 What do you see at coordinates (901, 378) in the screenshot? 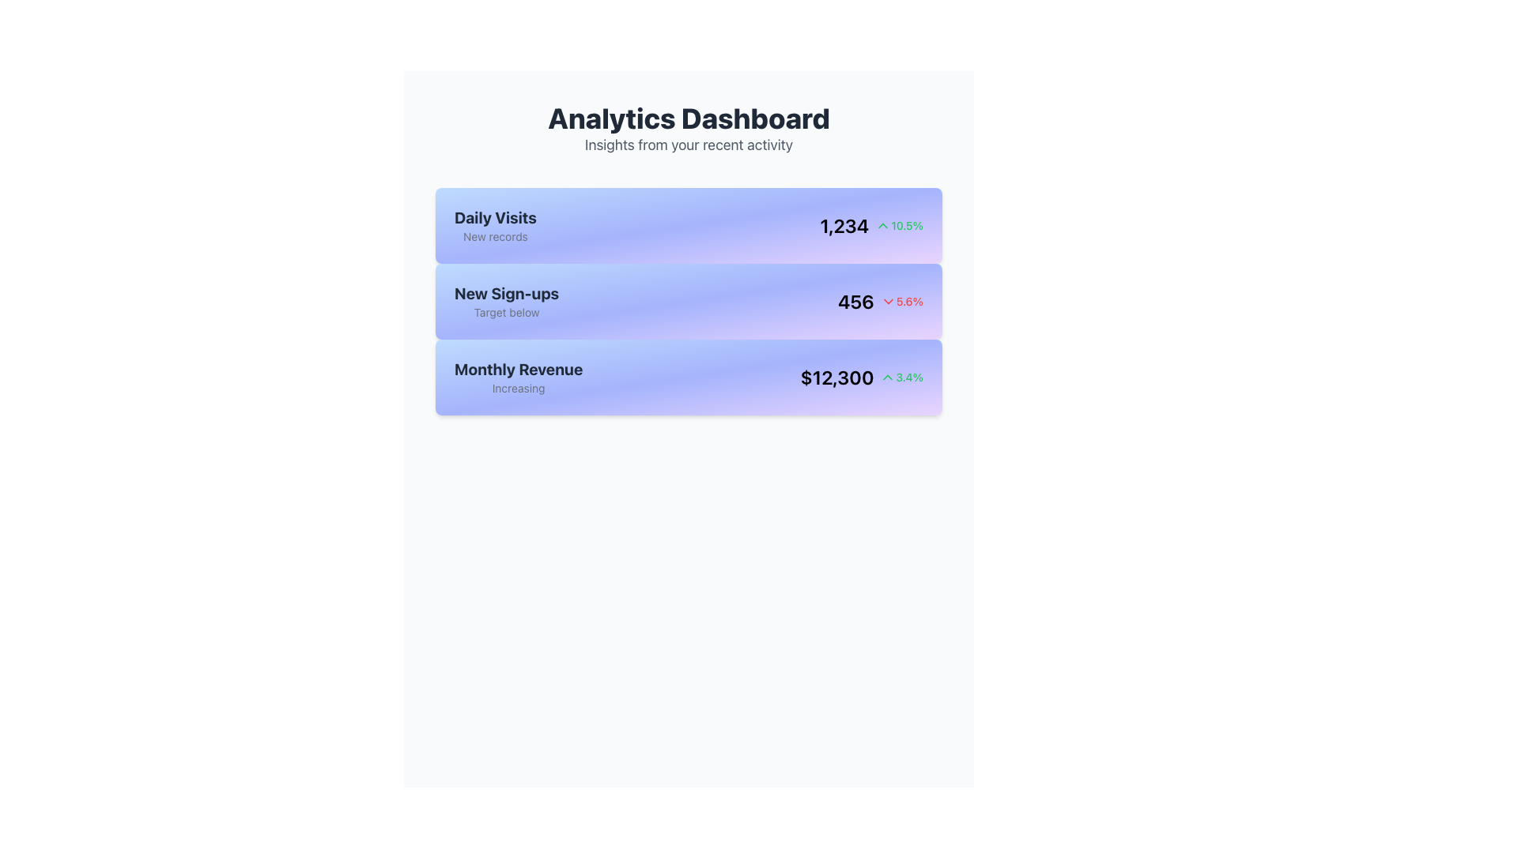
I see `the 'percentage change in revenue' text within the 'Monthly Revenue' card` at bounding box center [901, 378].